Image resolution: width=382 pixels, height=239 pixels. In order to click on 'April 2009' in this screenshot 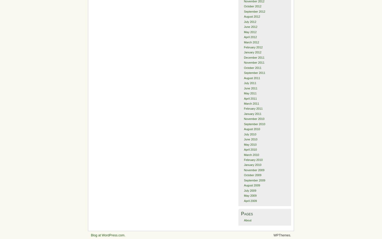, I will do `click(250, 201)`.